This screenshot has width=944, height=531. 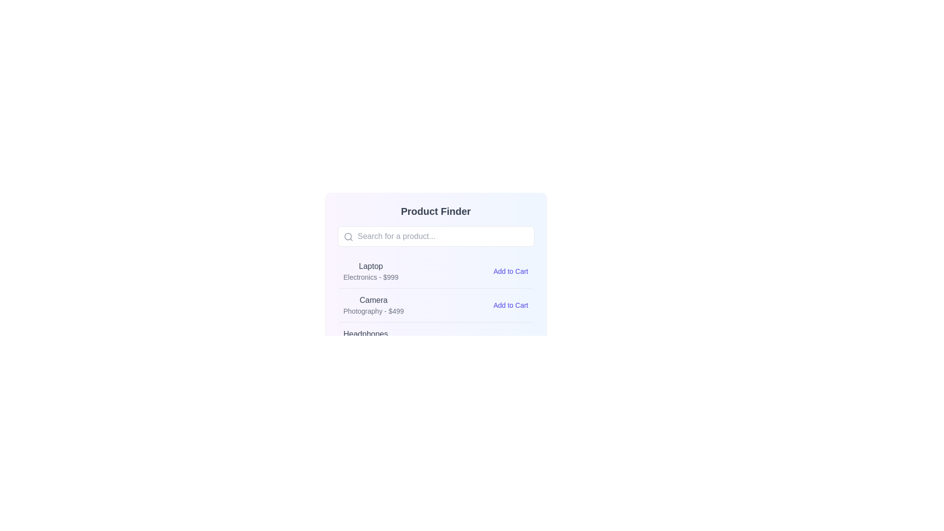 I want to click on the 'Camera' text label which is a medium-sized gray label positioned in the 'Product Finder' interface, situated between 'Laptop' and 'Headphones', so click(x=373, y=299).